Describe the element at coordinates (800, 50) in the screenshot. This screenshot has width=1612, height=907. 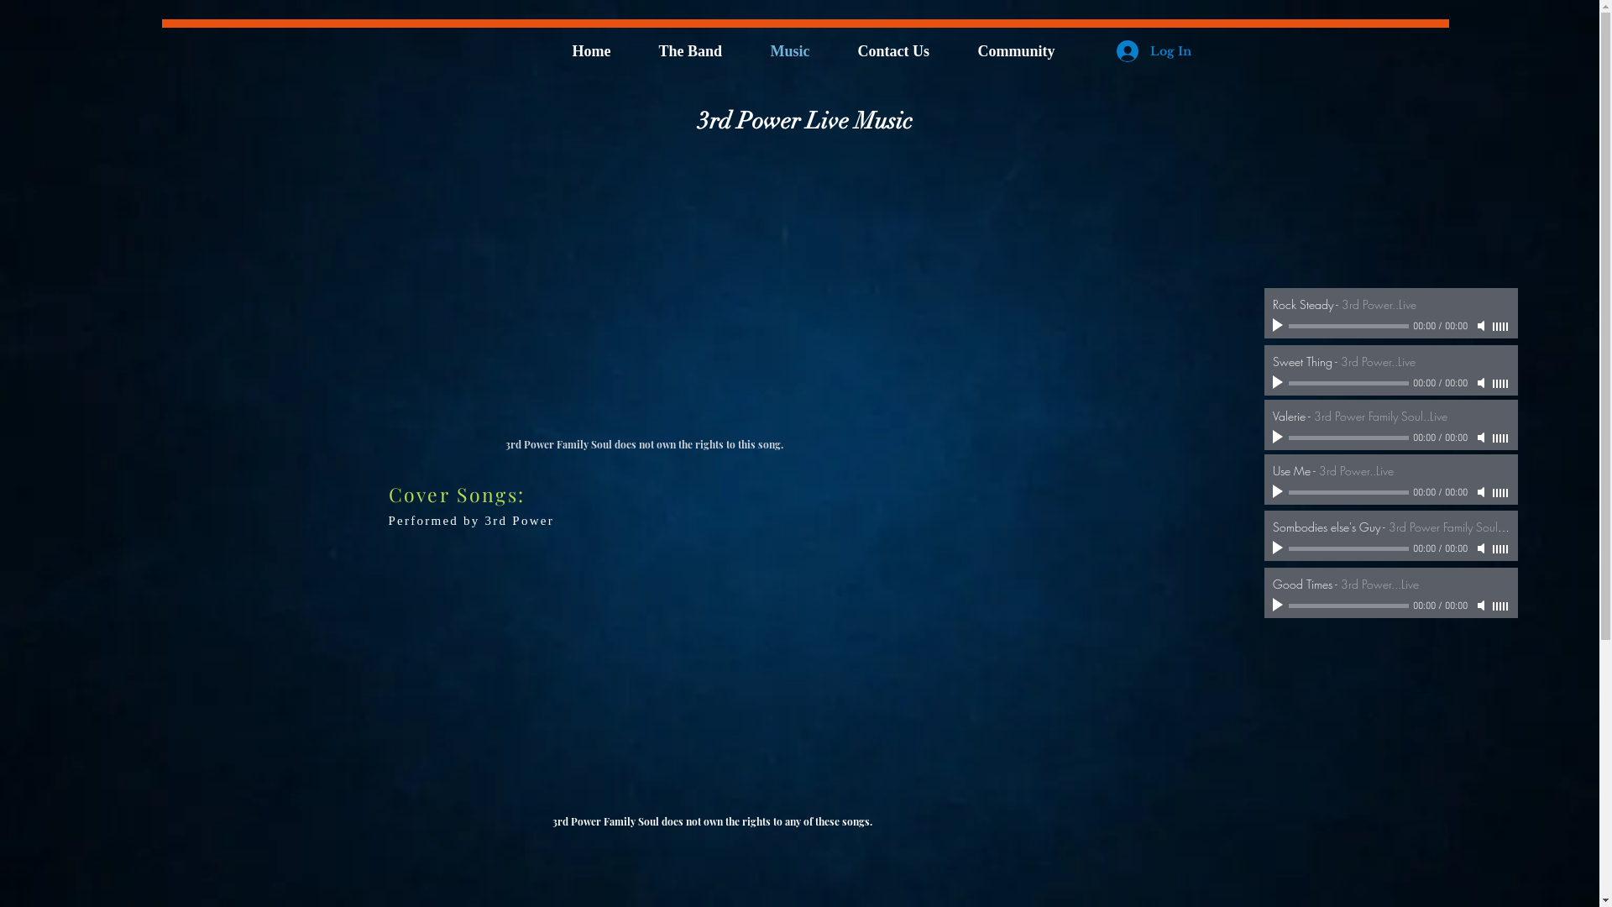
I see `'Music'` at that location.